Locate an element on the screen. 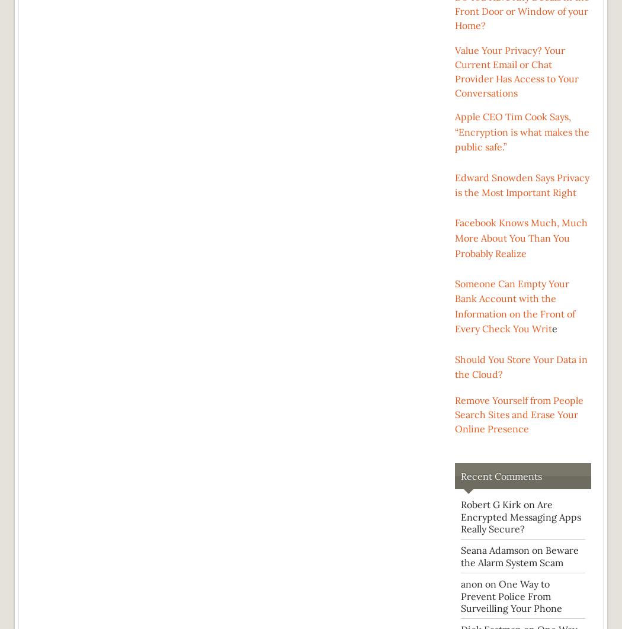 This screenshot has height=629, width=622. 'Should
      You Store Your Data in the Cloud?' is located at coordinates (521, 367).